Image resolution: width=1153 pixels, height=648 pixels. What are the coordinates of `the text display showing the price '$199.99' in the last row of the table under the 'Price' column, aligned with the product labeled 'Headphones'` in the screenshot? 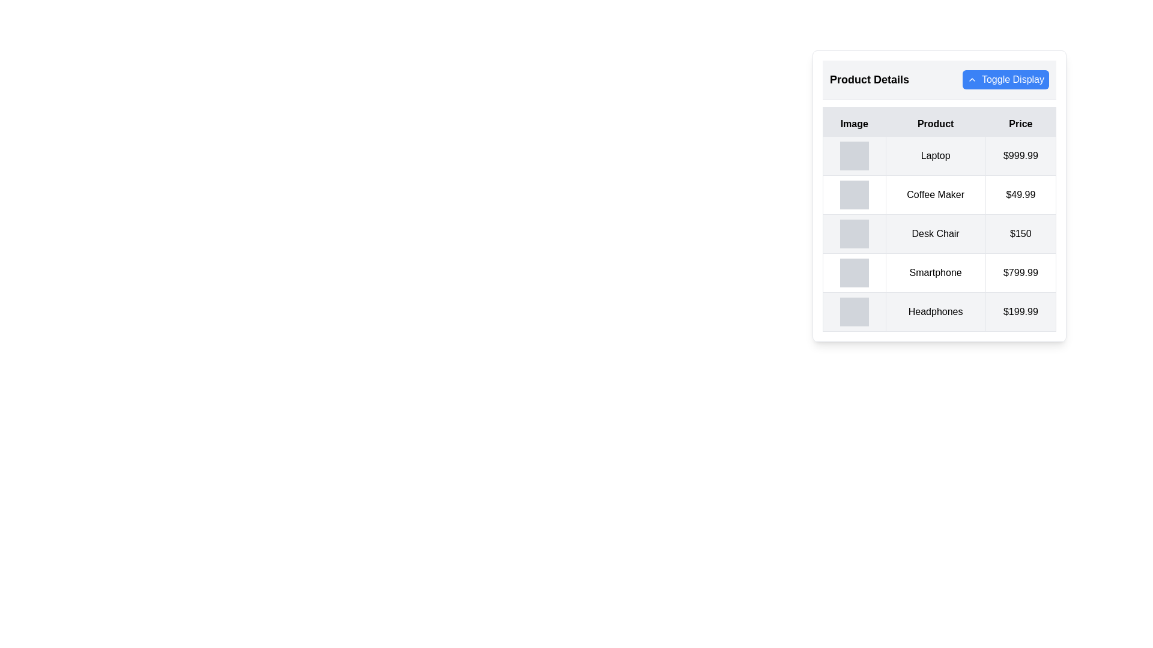 It's located at (1020, 311).